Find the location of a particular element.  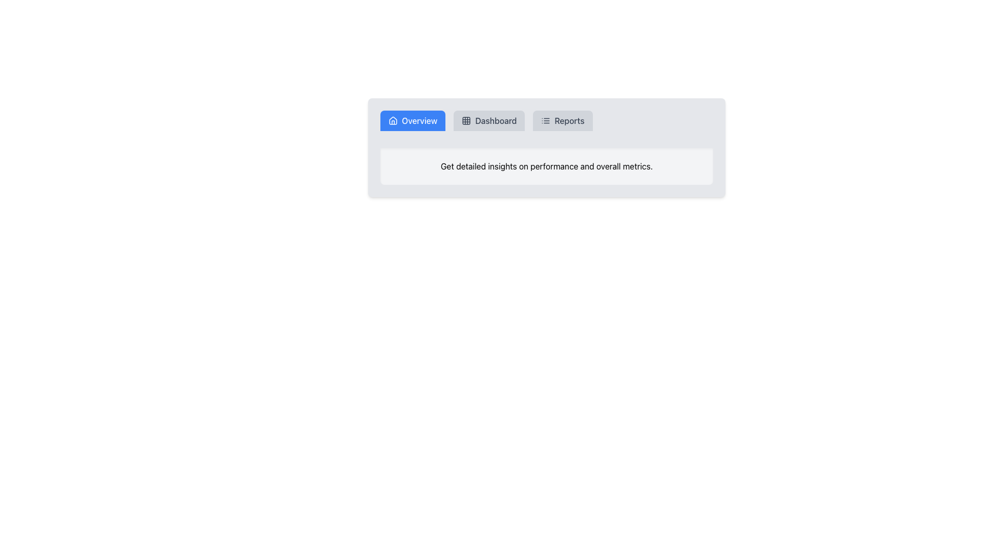

the 'Reports' button icon, which is positioned to the left of the text 'Reports' in the navigation bar is located at coordinates (545, 120).